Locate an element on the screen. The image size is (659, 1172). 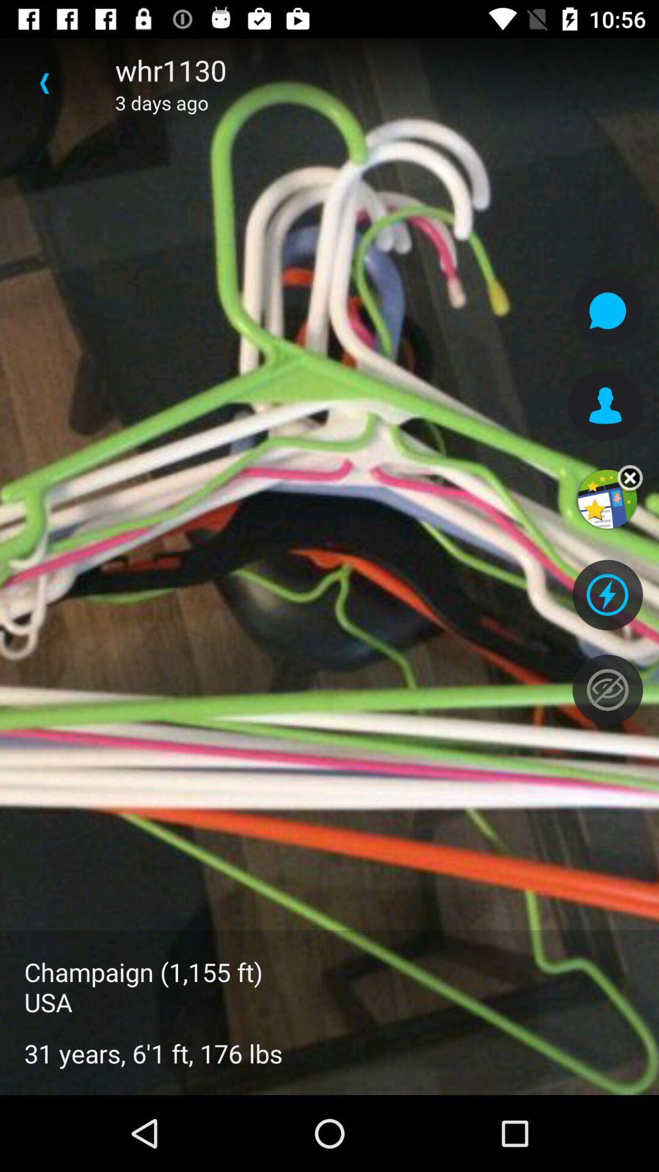
the visibility icon is located at coordinates (607, 690).